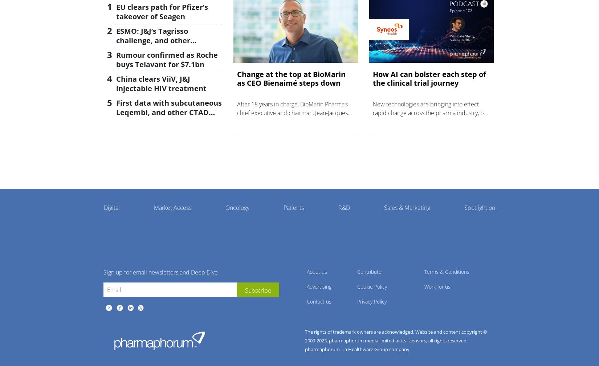 This screenshot has width=599, height=366. Describe the element at coordinates (437, 286) in the screenshot. I see `'Work for us'` at that location.